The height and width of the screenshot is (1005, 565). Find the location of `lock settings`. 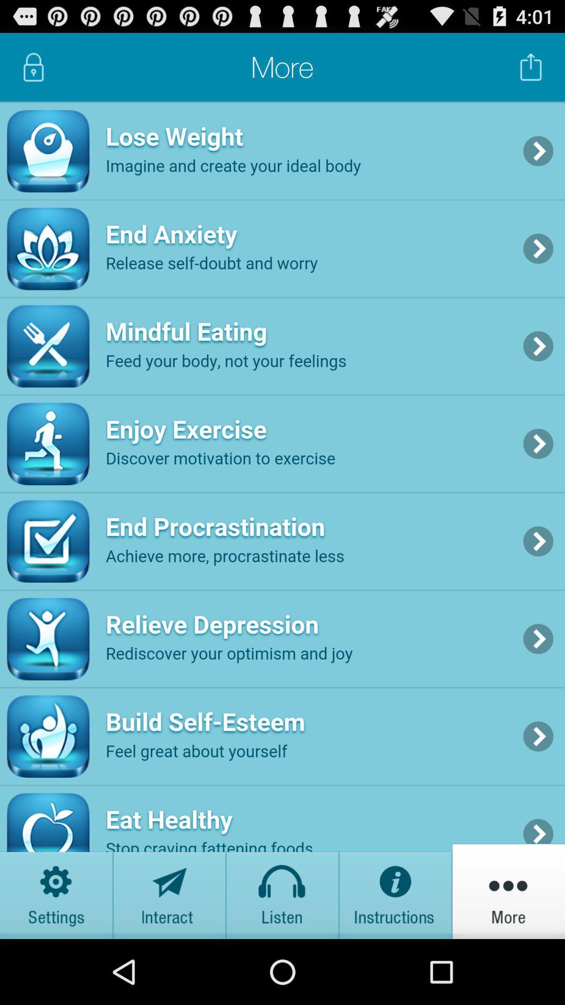

lock settings is located at coordinates (33, 66).